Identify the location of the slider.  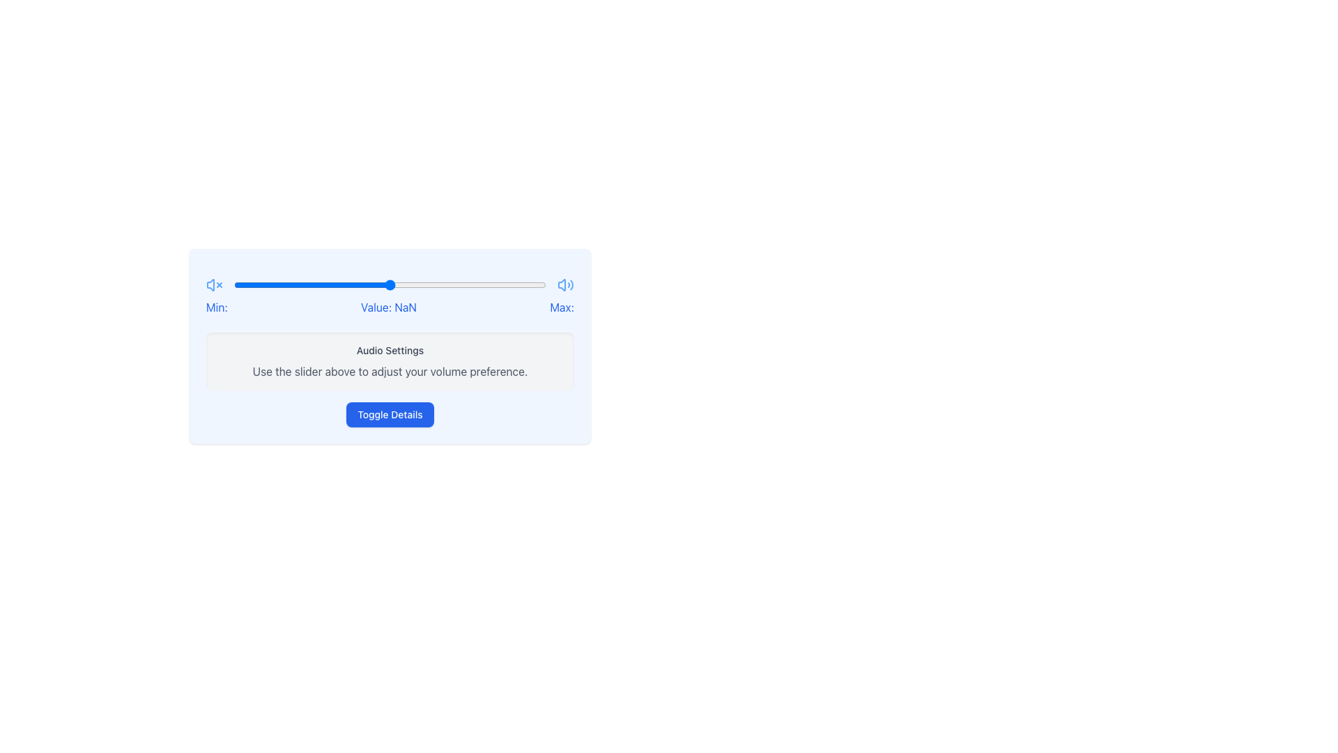
(268, 284).